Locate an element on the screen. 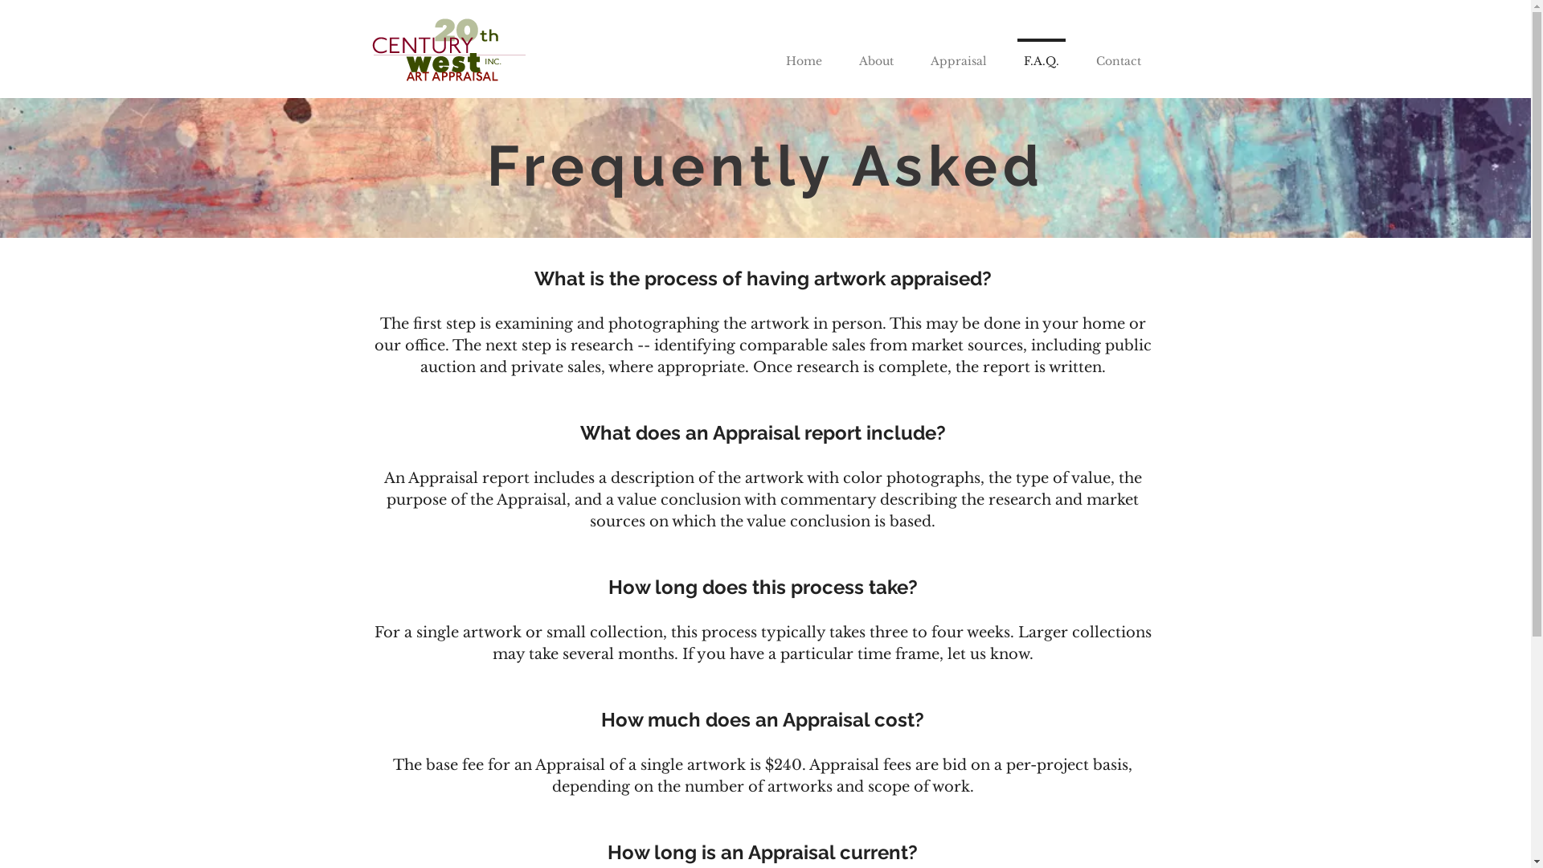 This screenshot has height=868, width=1543. 'Contact' is located at coordinates (1076, 52).